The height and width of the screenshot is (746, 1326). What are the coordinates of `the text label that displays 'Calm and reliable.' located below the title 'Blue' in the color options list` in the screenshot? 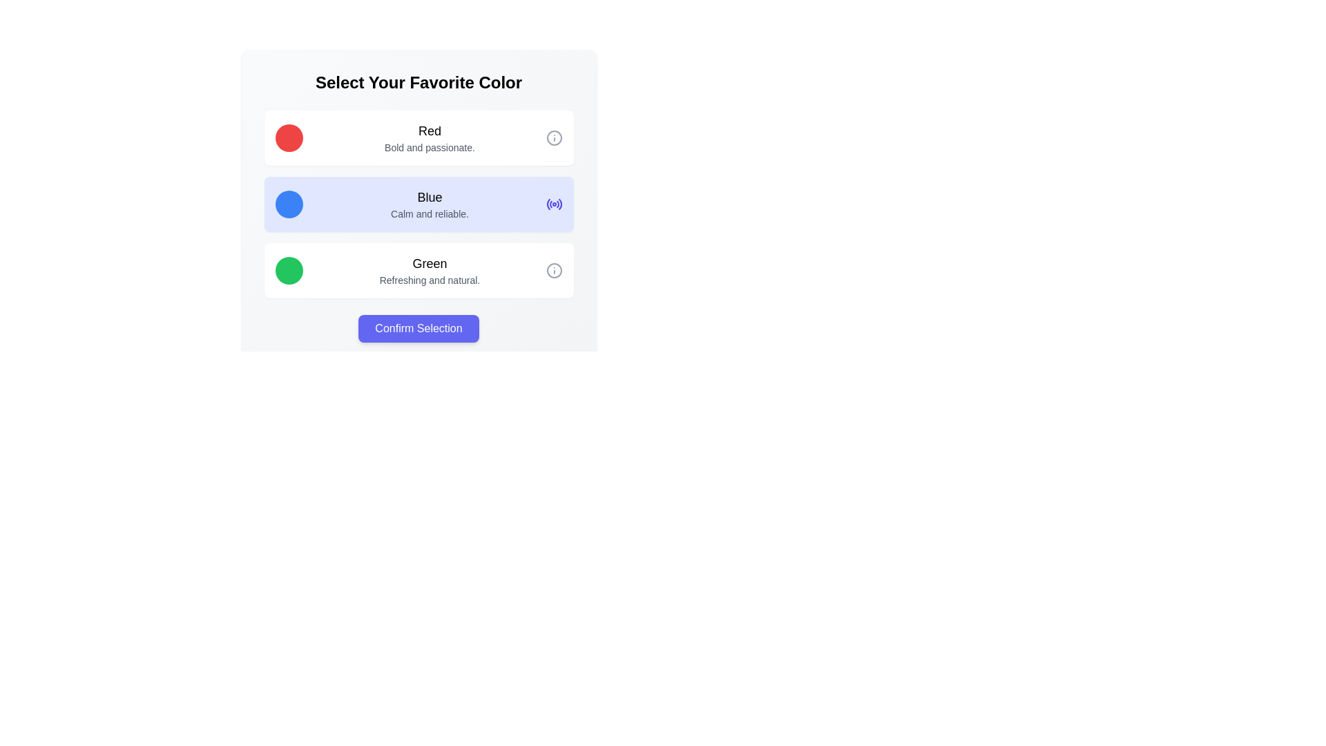 It's located at (429, 213).